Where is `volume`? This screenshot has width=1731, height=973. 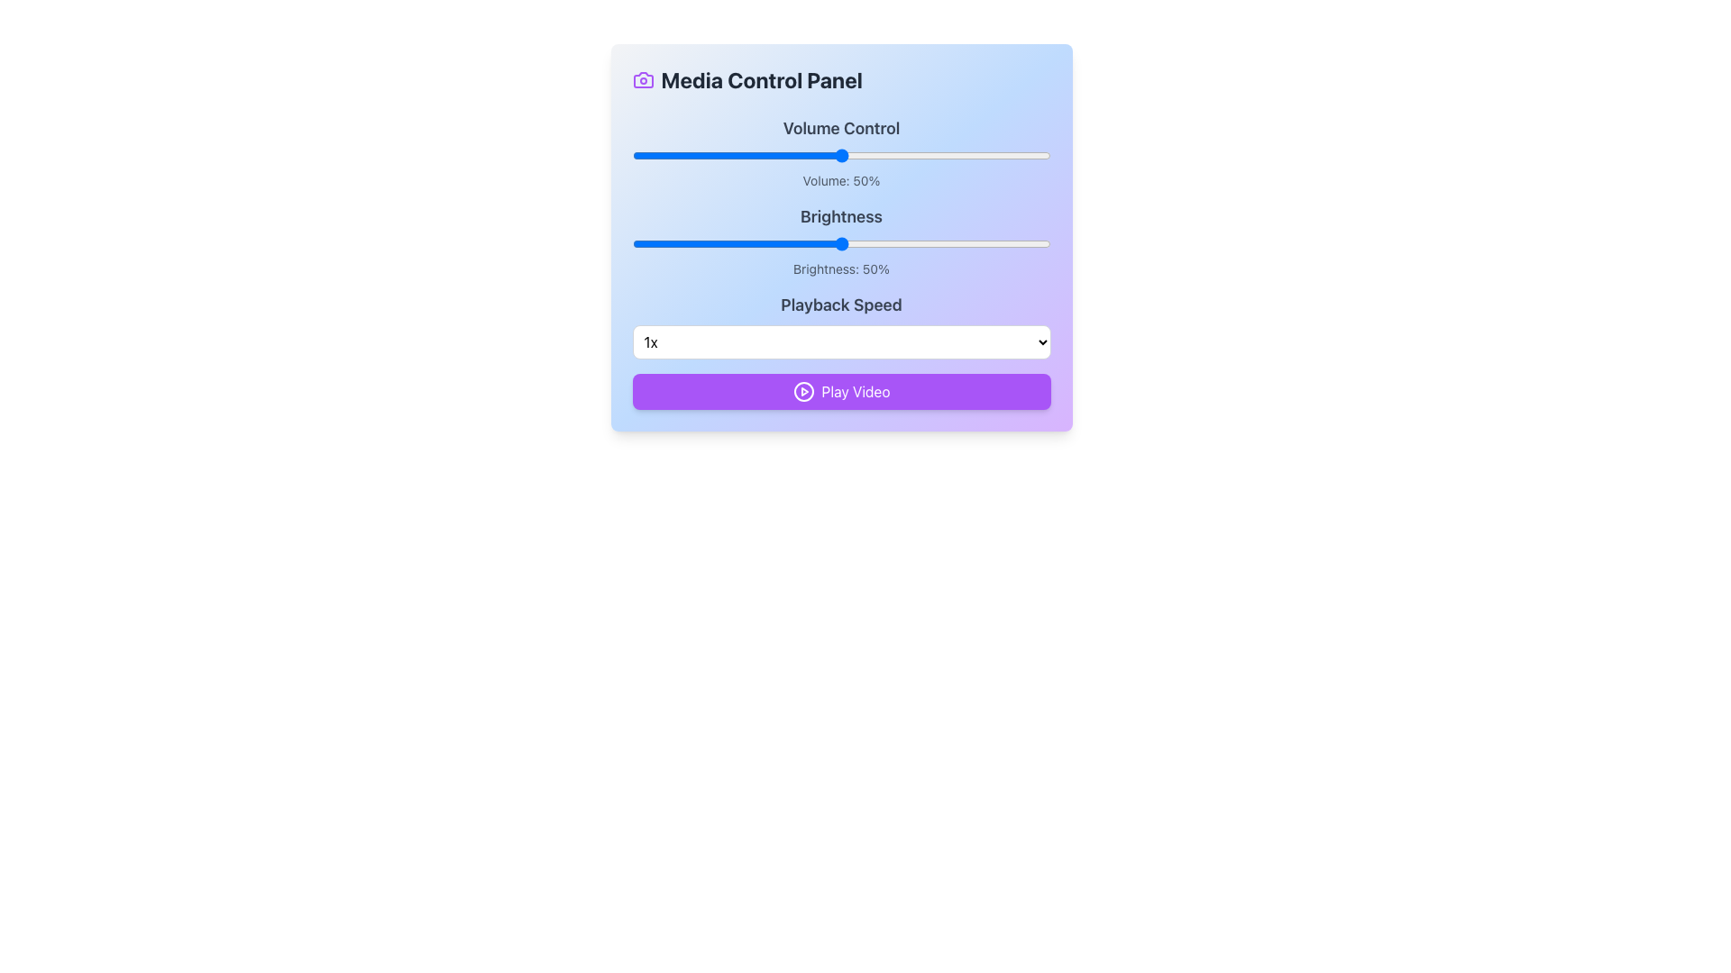
volume is located at coordinates (673, 155).